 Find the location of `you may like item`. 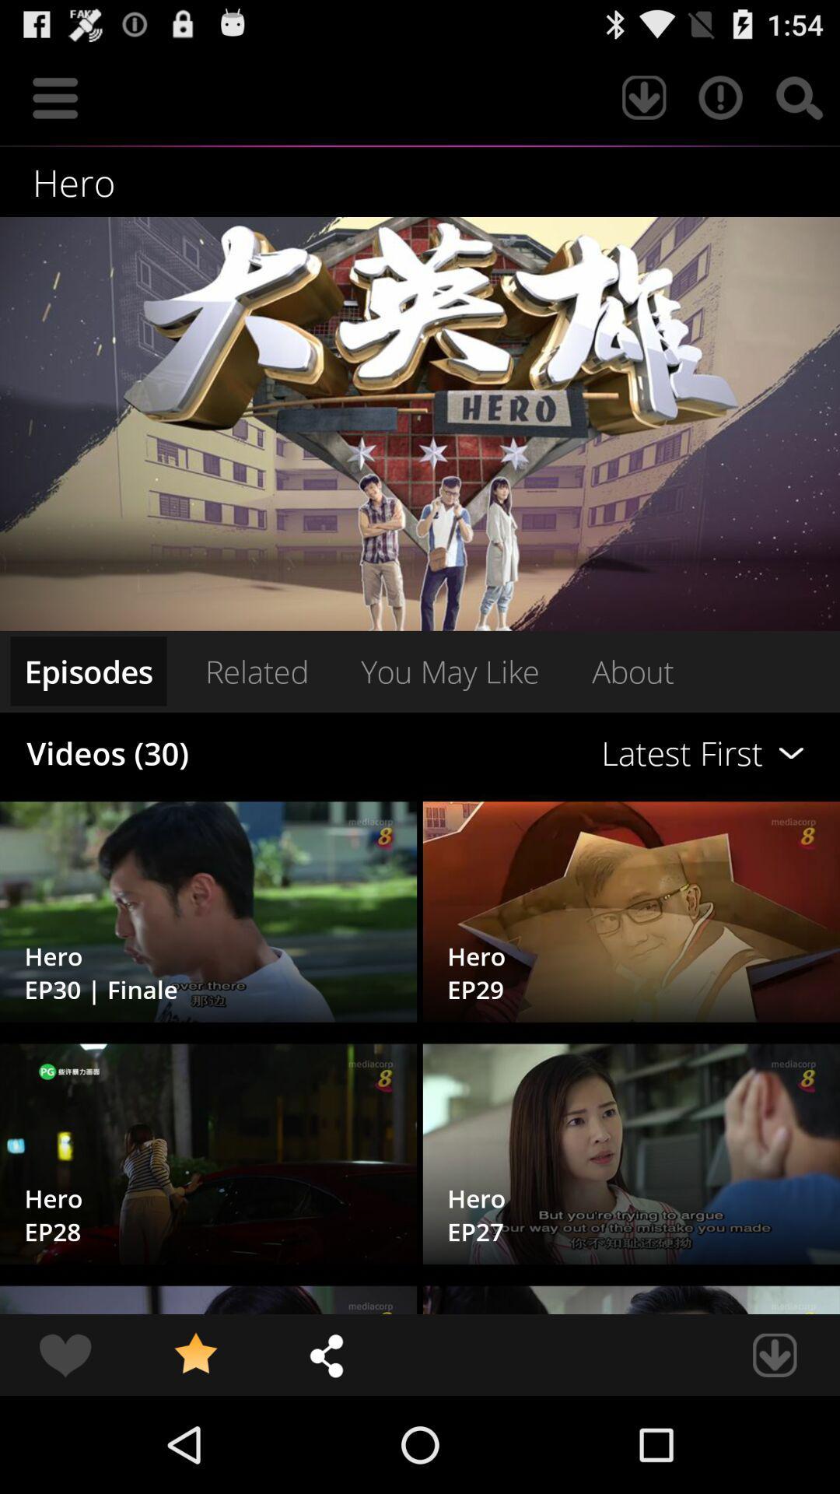

you may like item is located at coordinates (450, 671).